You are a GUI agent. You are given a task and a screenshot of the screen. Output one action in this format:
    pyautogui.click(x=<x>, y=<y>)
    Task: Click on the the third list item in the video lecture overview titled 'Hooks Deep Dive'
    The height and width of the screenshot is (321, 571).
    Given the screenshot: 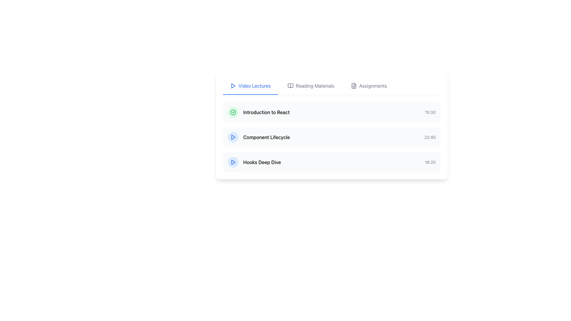 What is the action you would take?
    pyautogui.click(x=331, y=162)
    